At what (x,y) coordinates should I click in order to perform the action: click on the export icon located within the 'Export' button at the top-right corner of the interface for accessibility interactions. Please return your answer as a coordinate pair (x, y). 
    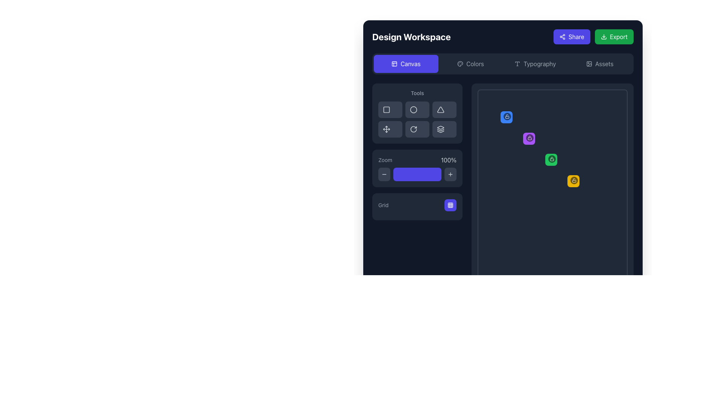
    Looking at the image, I should click on (604, 36).